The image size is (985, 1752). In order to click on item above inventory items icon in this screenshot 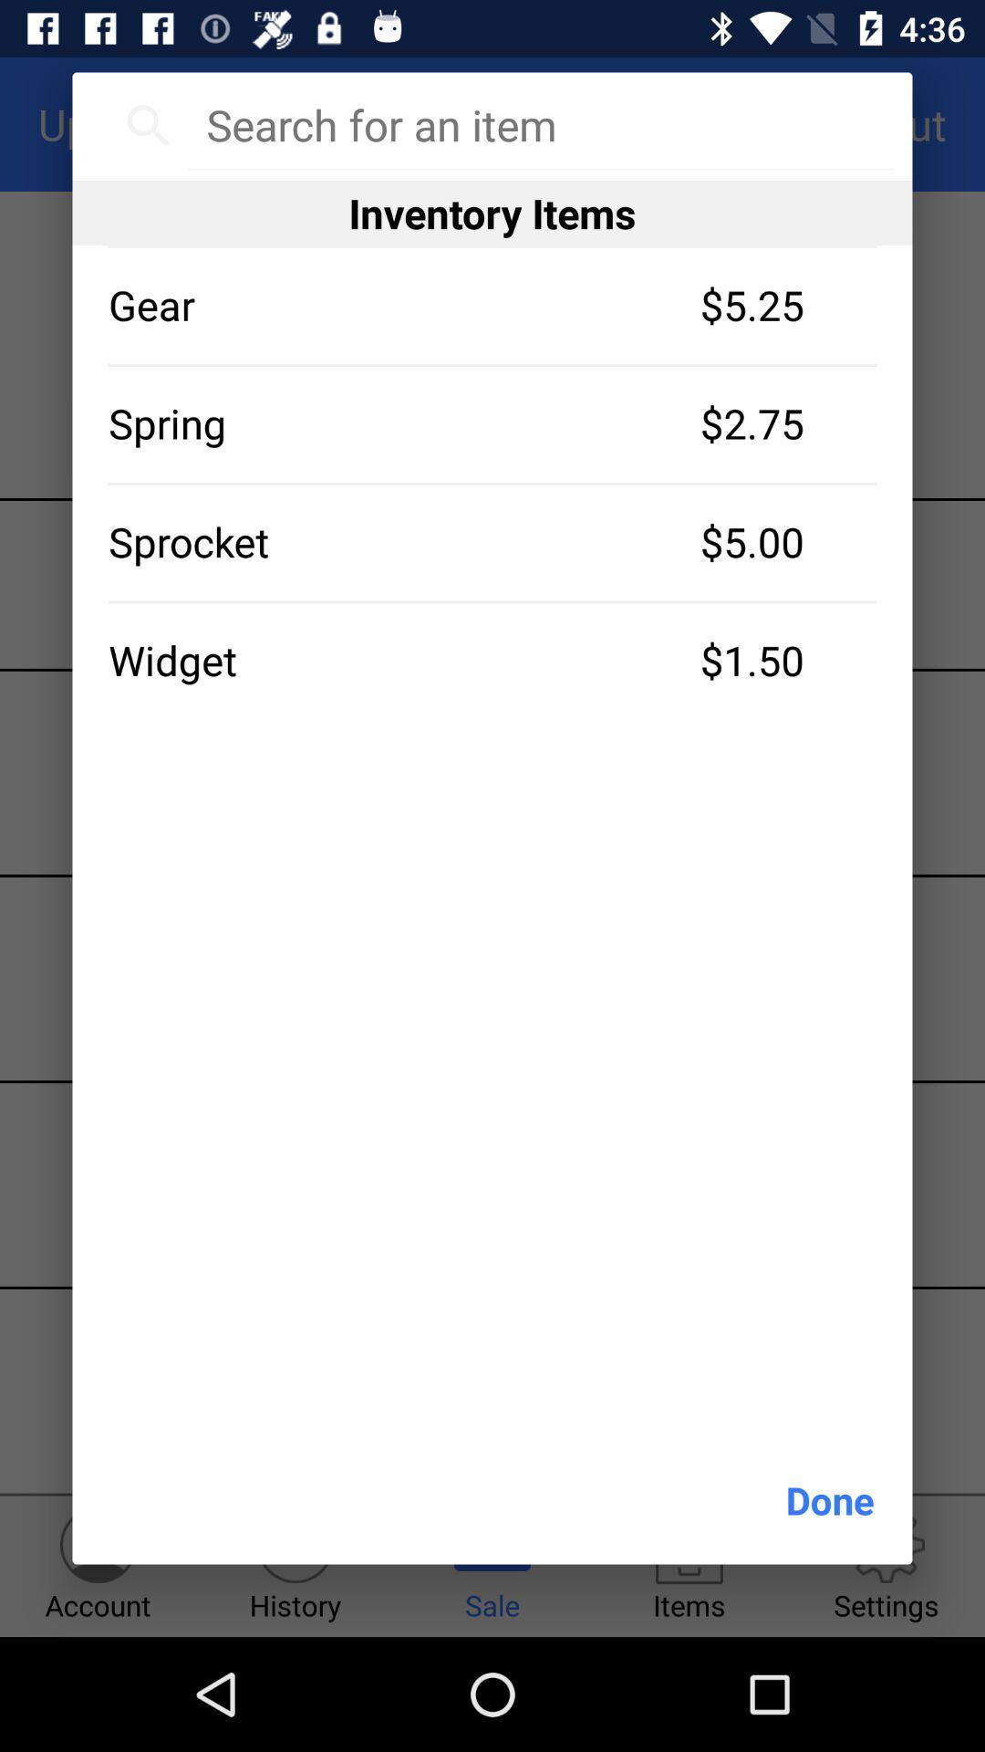, I will do `click(539, 124)`.